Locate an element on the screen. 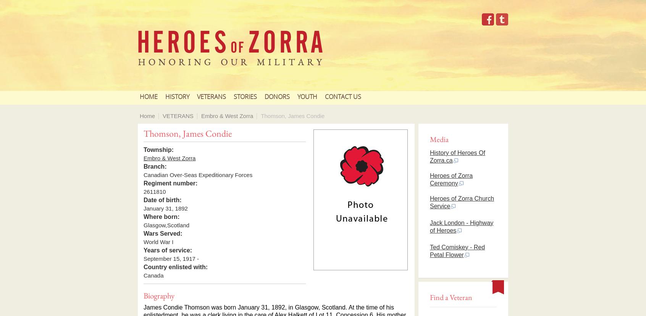 Image resolution: width=646 pixels, height=316 pixels. 'Home' is located at coordinates (139, 115).